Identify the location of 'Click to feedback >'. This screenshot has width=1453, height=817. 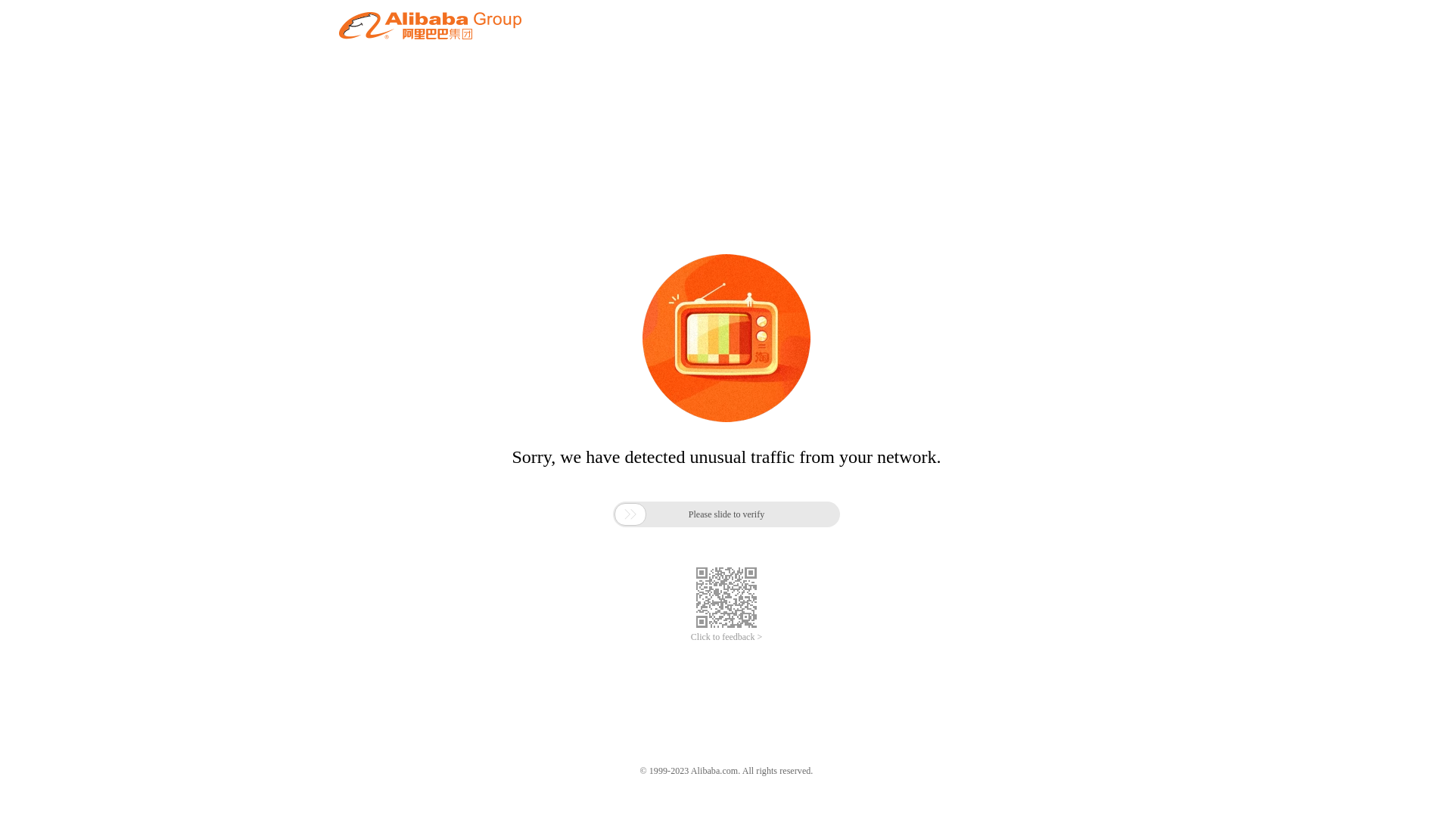
(726, 637).